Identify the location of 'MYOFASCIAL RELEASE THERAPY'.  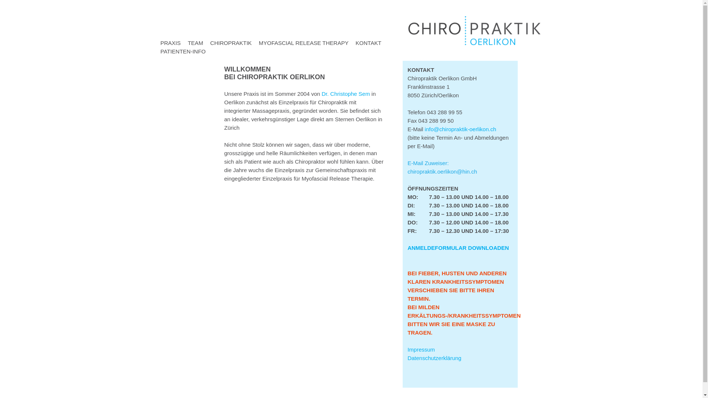
(303, 43).